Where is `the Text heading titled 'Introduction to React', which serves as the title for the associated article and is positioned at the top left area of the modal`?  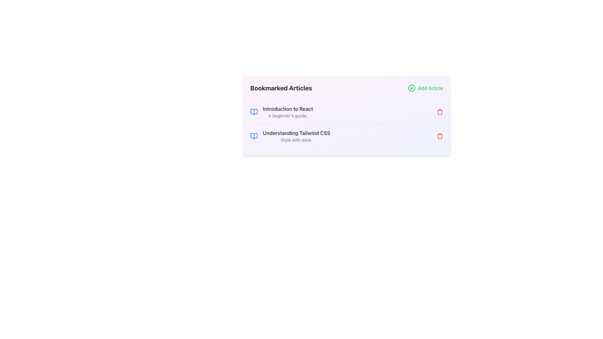
the Text heading titled 'Introduction to React', which serves as the title for the associated article and is positioned at the top left area of the modal is located at coordinates (287, 109).